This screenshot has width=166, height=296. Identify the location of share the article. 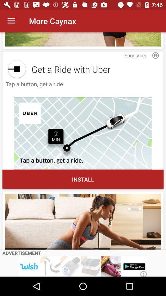
(17, 69).